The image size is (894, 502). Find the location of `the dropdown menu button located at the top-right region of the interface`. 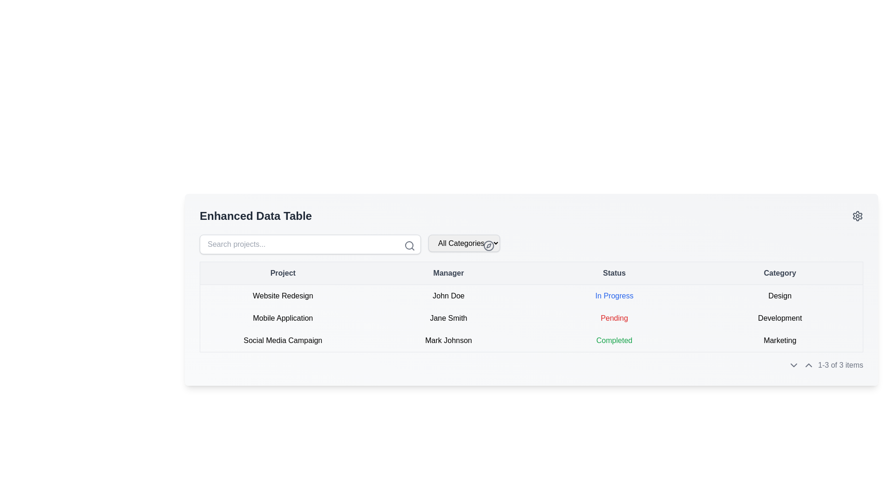

the dropdown menu button located at the top-right region of the interface is located at coordinates (464, 243).